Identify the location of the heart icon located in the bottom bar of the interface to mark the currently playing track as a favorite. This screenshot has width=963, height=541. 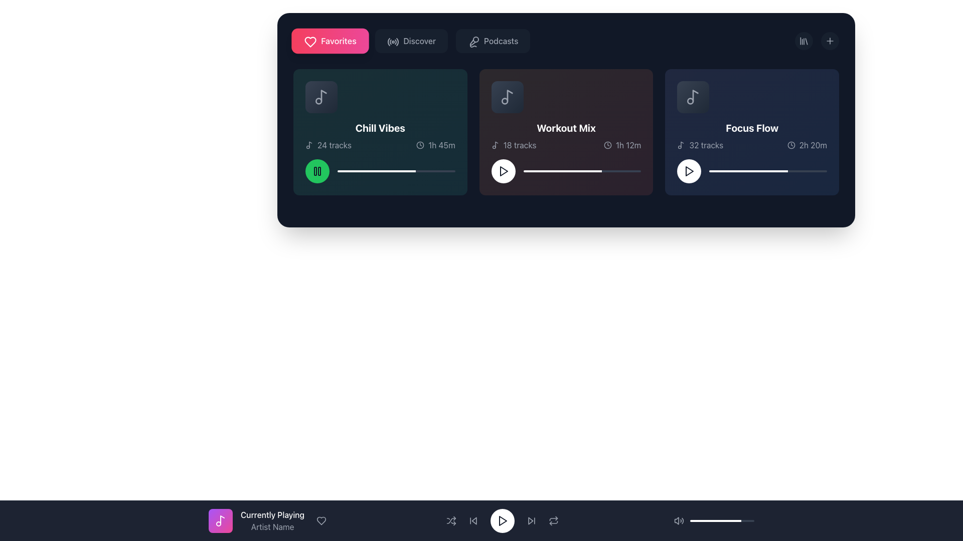
(322, 520).